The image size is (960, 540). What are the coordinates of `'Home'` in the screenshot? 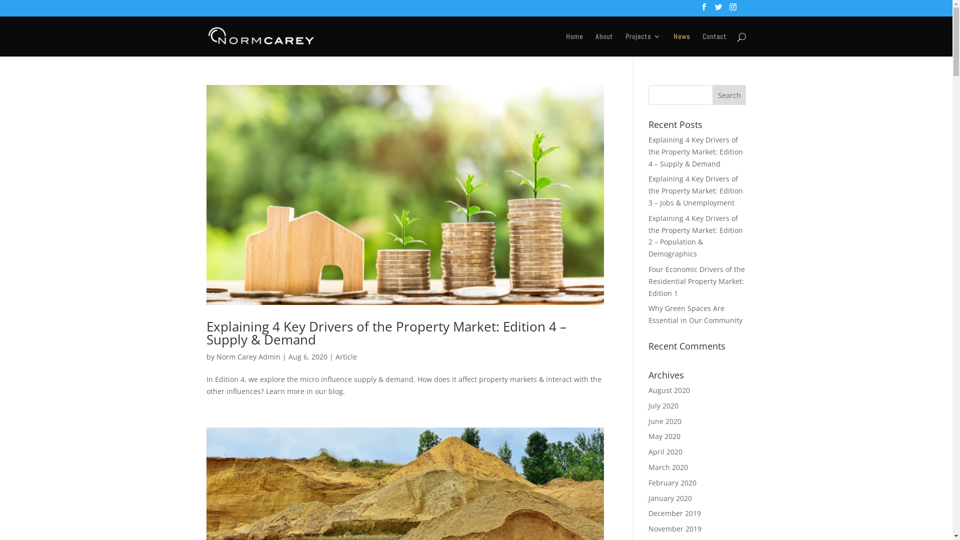 It's located at (574, 44).